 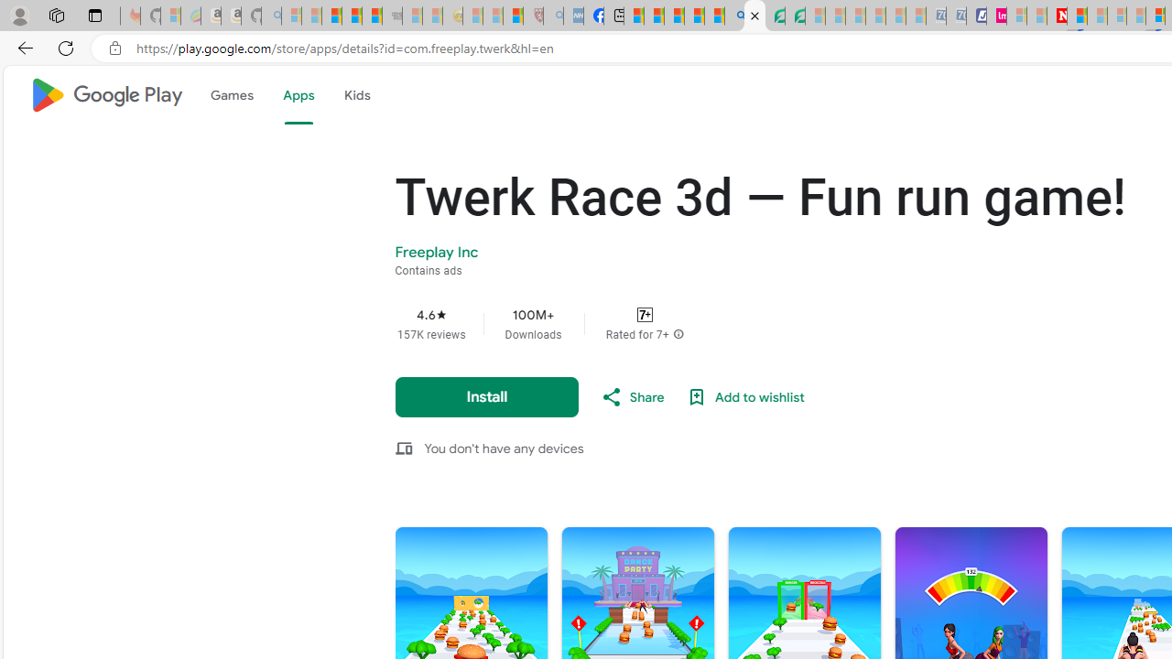 What do you see at coordinates (356, 95) in the screenshot?
I see `'Kids'` at bounding box center [356, 95].